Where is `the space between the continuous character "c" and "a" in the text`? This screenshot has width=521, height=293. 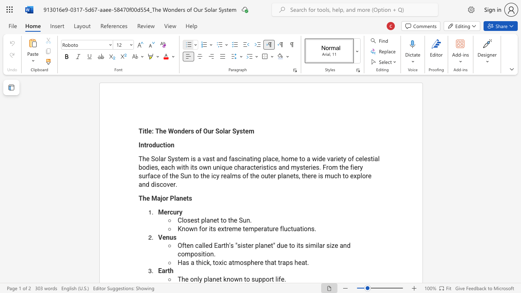 the space between the continuous character "c" and "a" in the text is located at coordinates (199, 245).